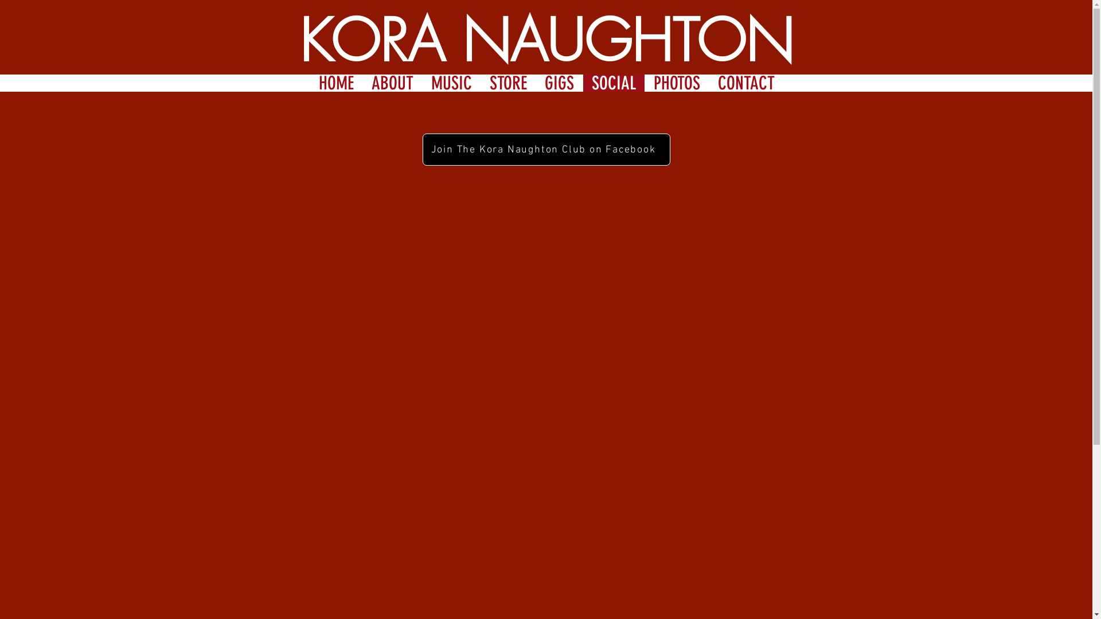 The width and height of the screenshot is (1101, 619). I want to click on 'KORA NAUGHTON', so click(546, 40).